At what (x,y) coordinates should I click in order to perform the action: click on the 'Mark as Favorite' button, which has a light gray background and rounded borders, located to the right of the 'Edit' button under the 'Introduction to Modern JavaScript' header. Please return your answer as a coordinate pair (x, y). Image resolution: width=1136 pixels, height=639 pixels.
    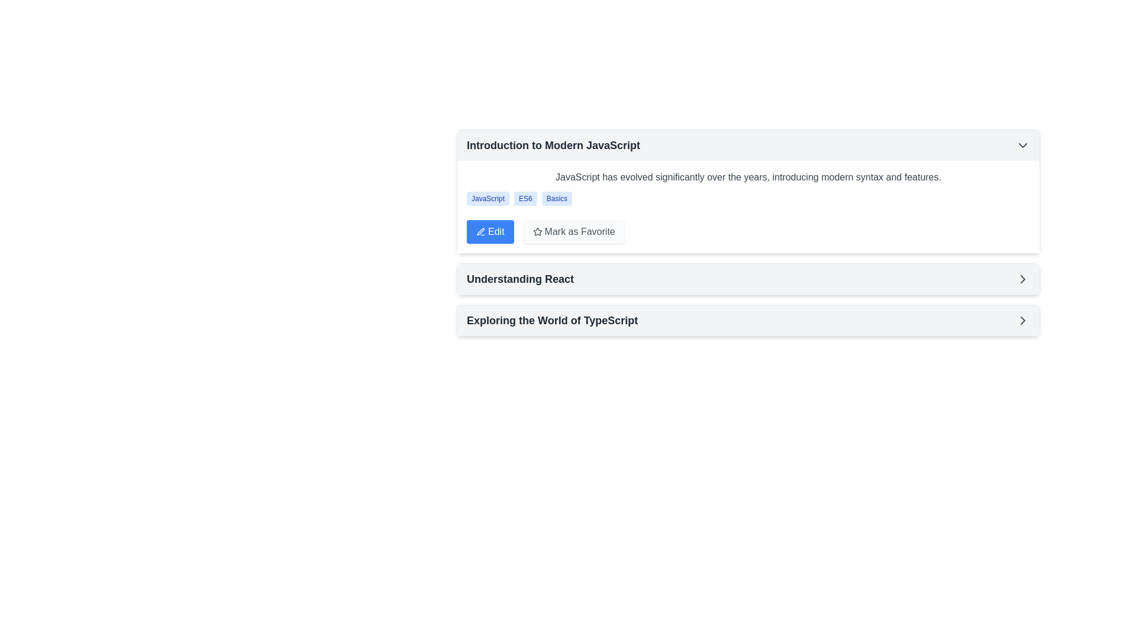
    Looking at the image, I should click on (573, 232).